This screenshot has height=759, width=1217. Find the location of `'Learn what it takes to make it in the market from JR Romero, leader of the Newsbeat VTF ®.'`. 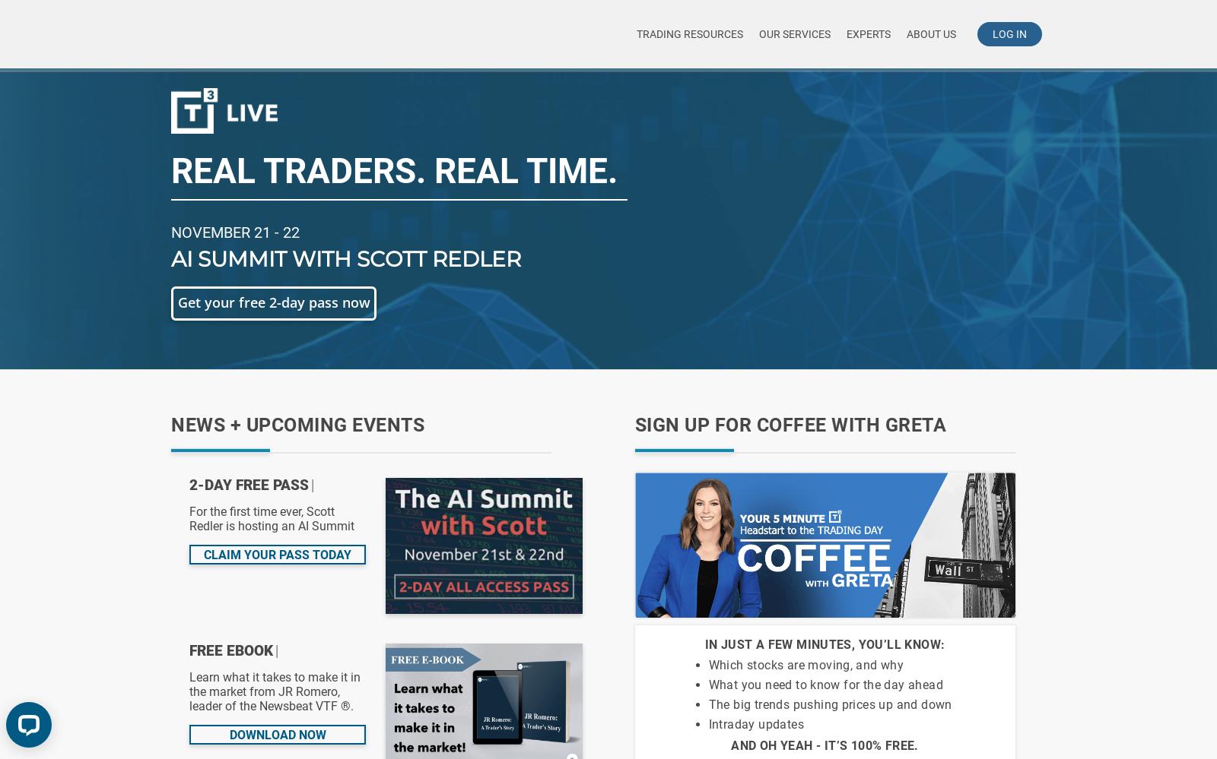

'Learn what it takes to make it in the market from JR Romero, leader of the Newsbeat VTF ®.' is located at coordinates (275, 691).